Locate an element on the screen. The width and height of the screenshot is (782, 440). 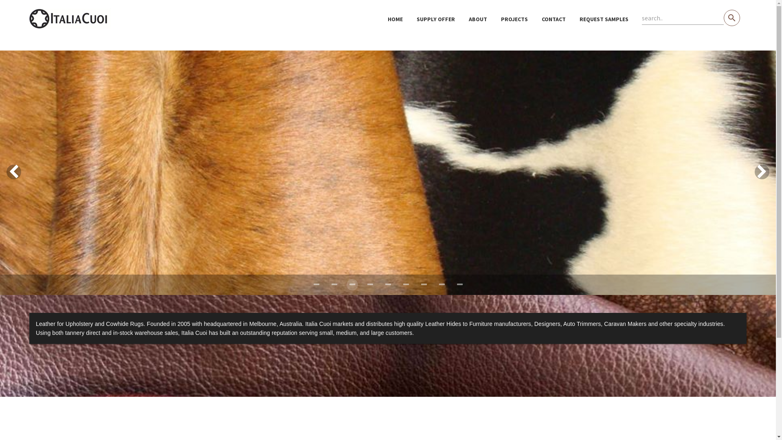
'7' is located at coordinates (441, 284).